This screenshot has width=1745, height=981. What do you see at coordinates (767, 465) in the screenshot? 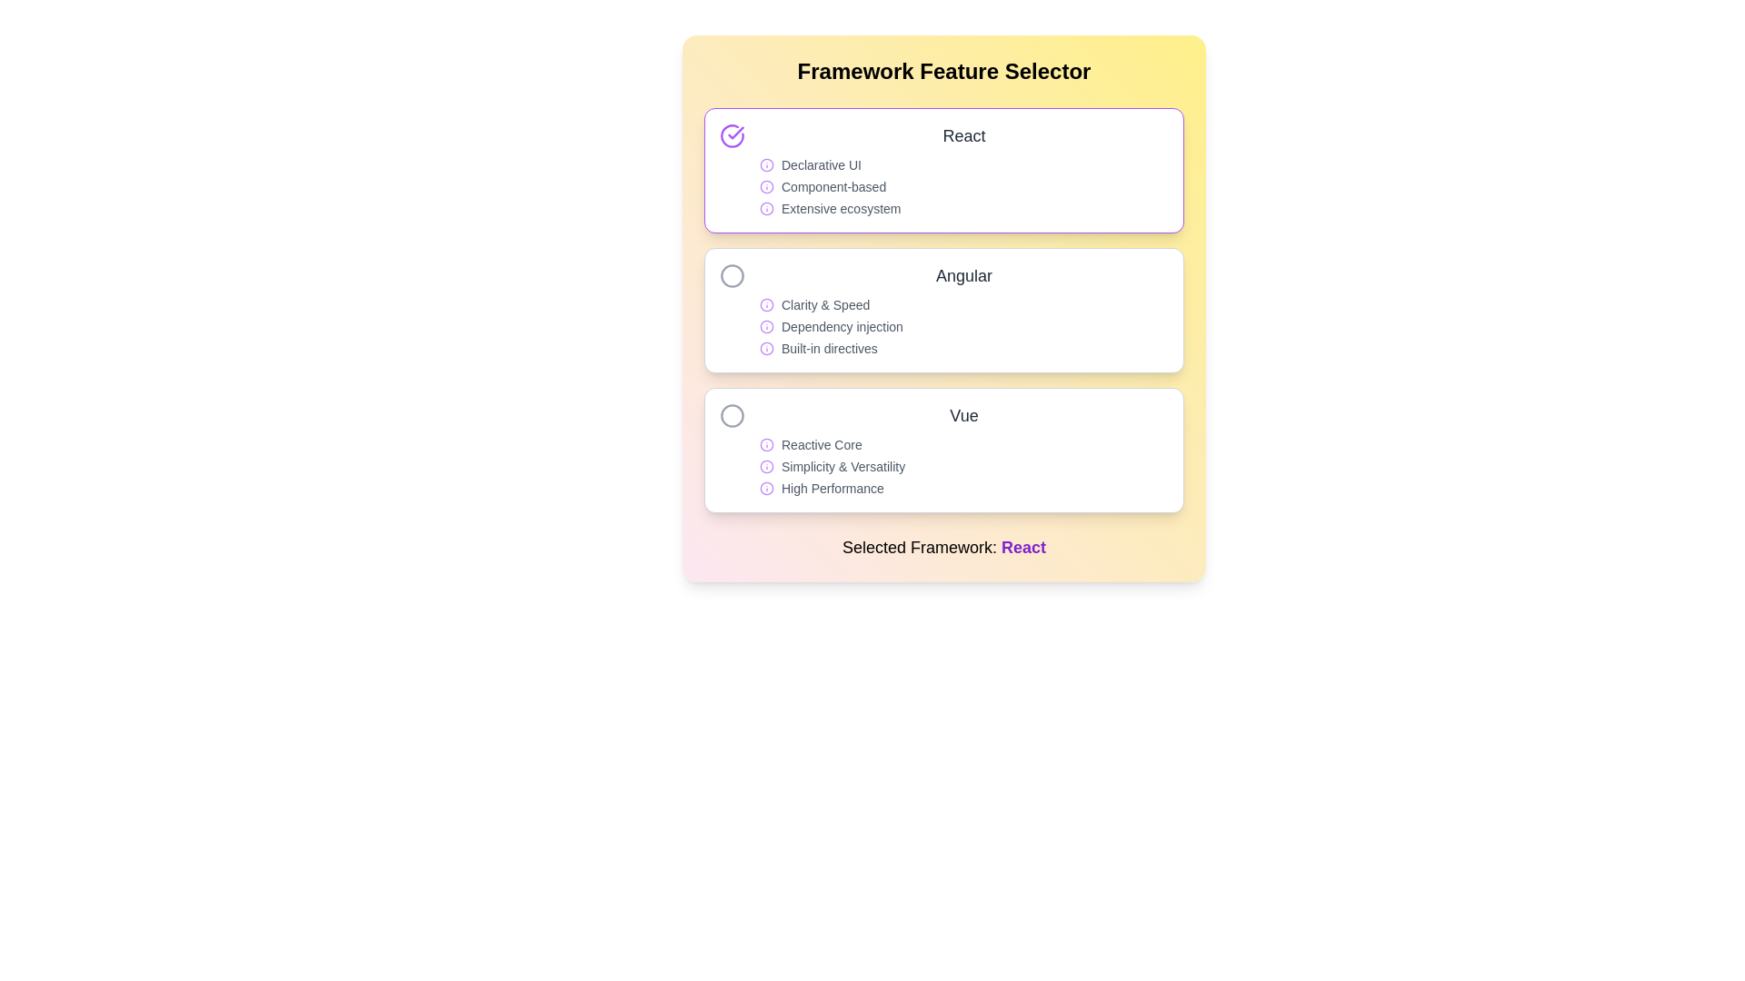
I see `the circular icon with a purple stroke located immediately to the left of the text 'Simplicity & Versatility' in the third option group labeled 'Vue'` at bounding box center [767, 465].